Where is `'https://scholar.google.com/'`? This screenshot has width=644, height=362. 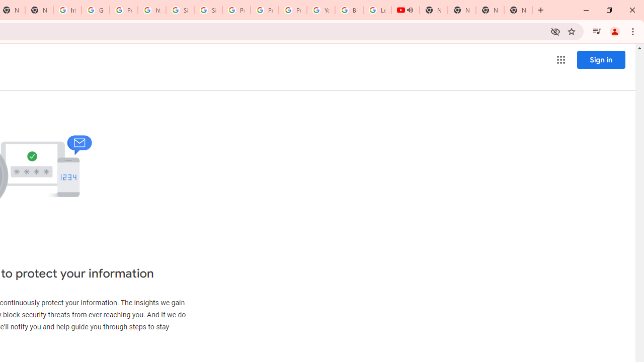 'https://scholar.google.com/' is located at coordinates (151, 10).